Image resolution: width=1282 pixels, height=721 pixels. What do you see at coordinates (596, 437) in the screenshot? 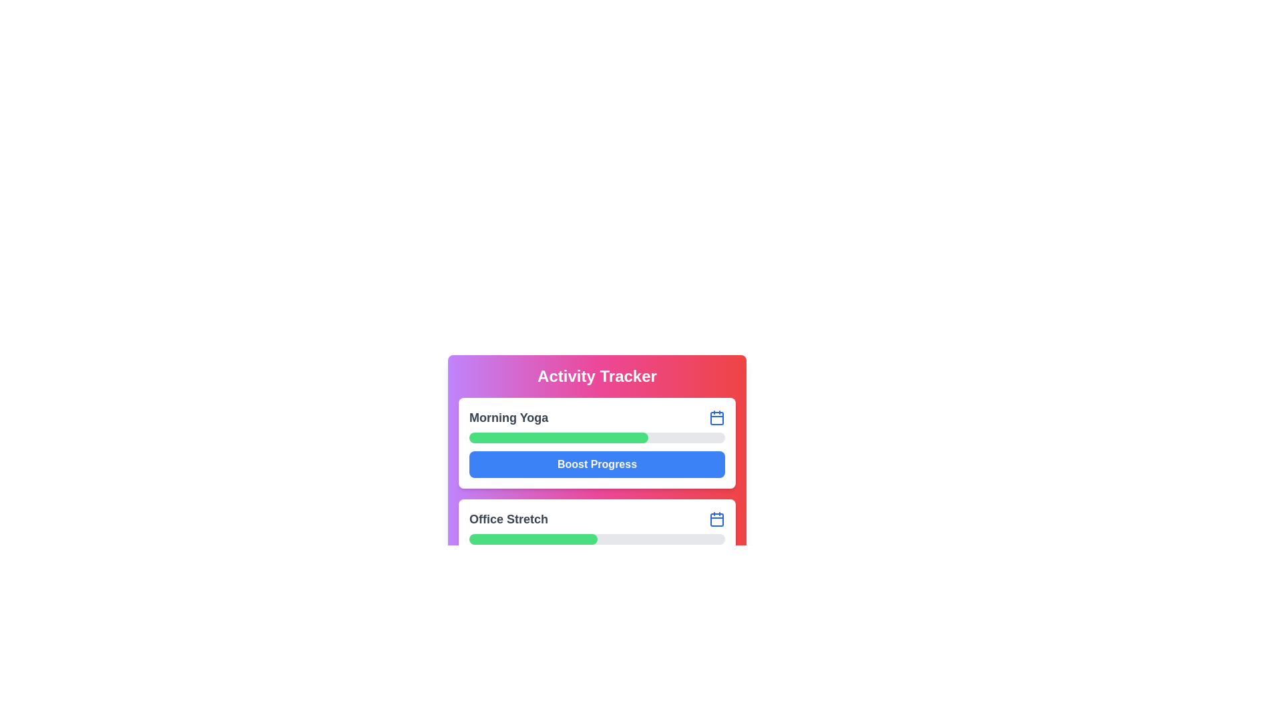
I see `the progress bar representing the completion of the 'Morning Yoga' activity, which shows a 70% completion rate and is located below the 'Morning Yoga' label and above the 'Boost Progress' button` at bounding box center [596, 437].